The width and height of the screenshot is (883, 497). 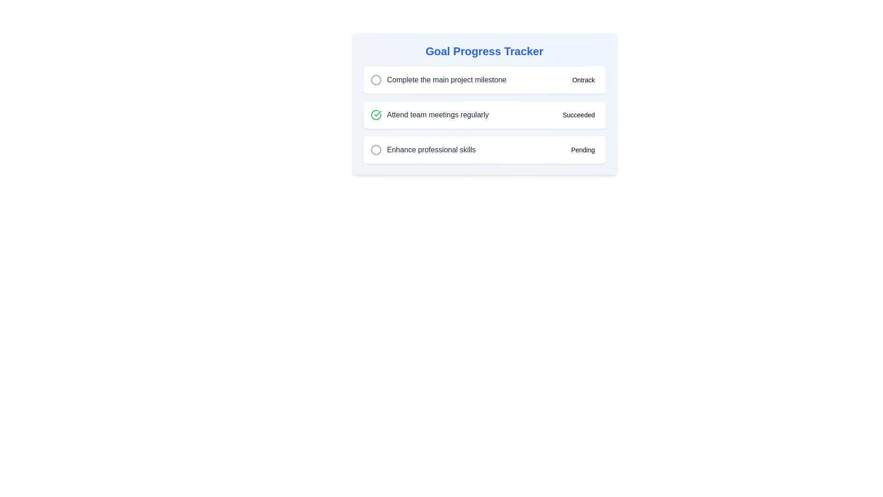 What do you see at coordinates (376, 115) in the screenshot?
I see `the green checkmark icon in the 'Goal Progress Tracker' section, which indicates the successful completion of the goal labeled 'Attend team meetings regularly'` at bounding box center [376, 115].